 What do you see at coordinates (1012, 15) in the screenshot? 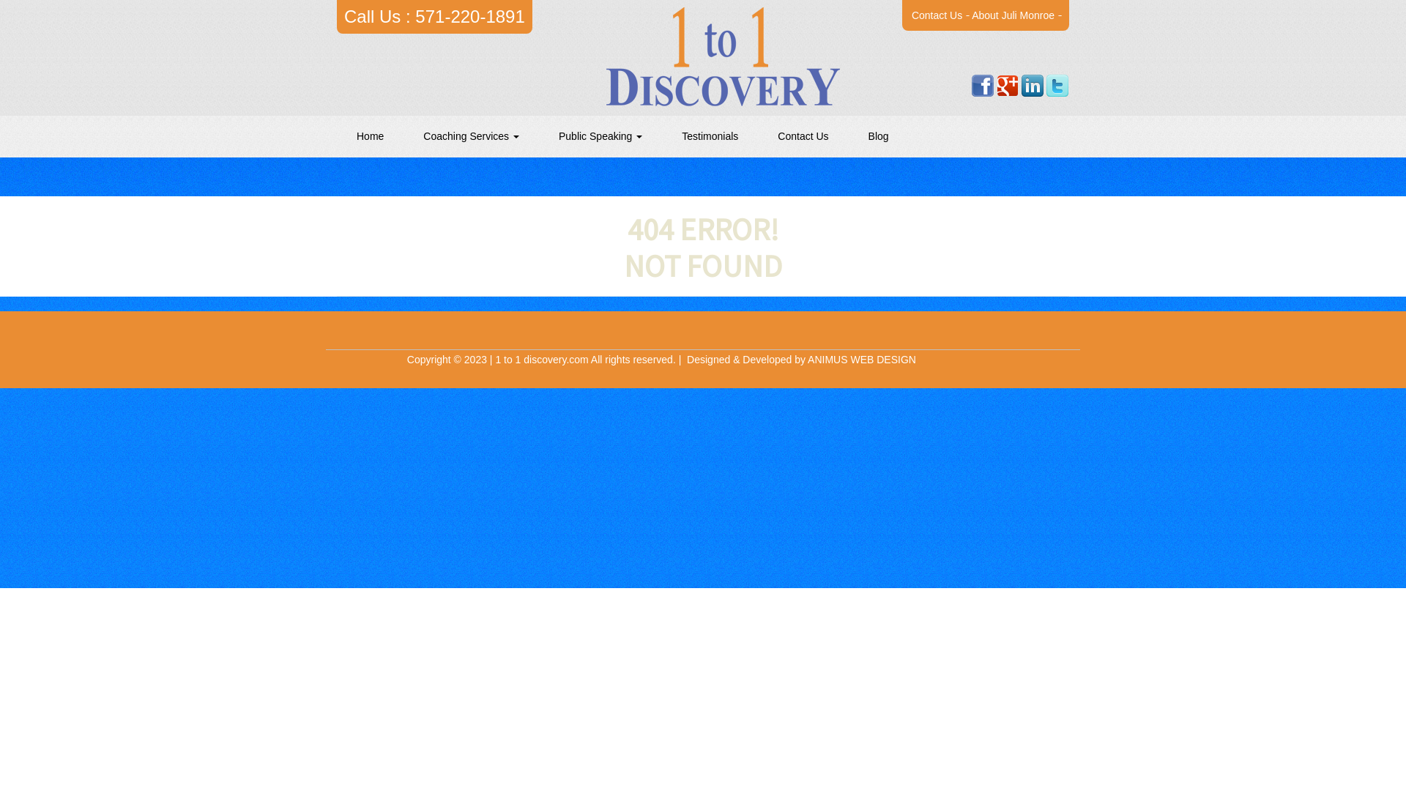
I see `'About Juli Monroe'` at bounding box center [1012, 15].